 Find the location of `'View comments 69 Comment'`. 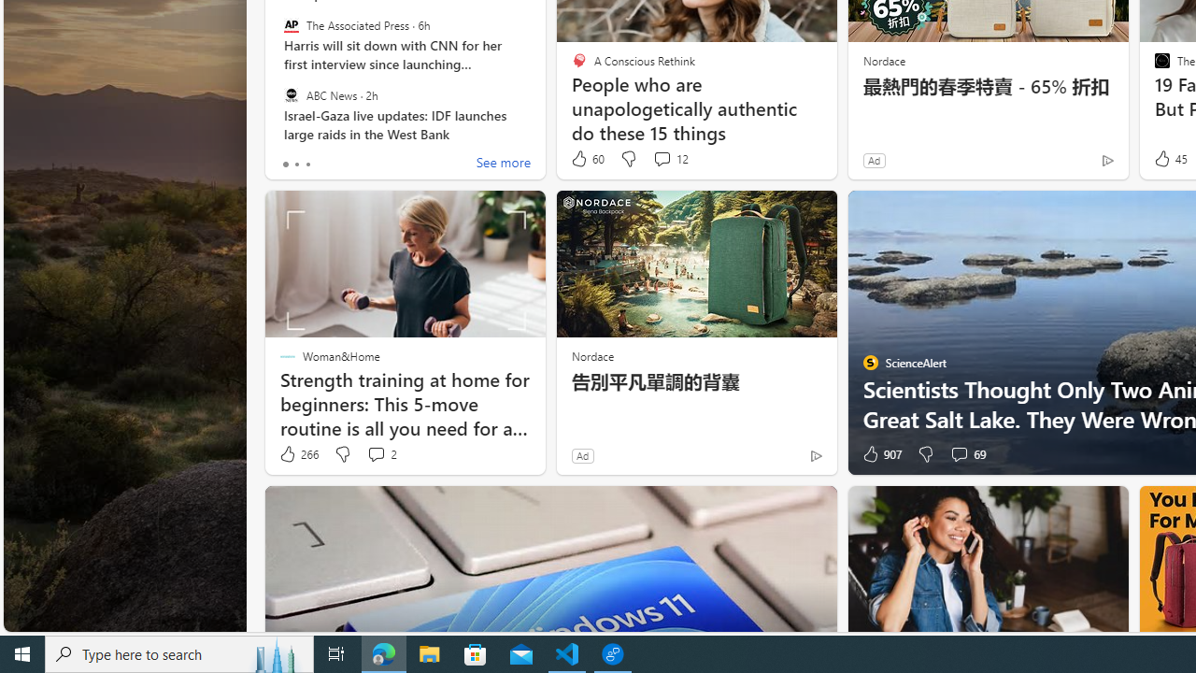

'View comments 69 Comment' is located at coordinates (967, 454).